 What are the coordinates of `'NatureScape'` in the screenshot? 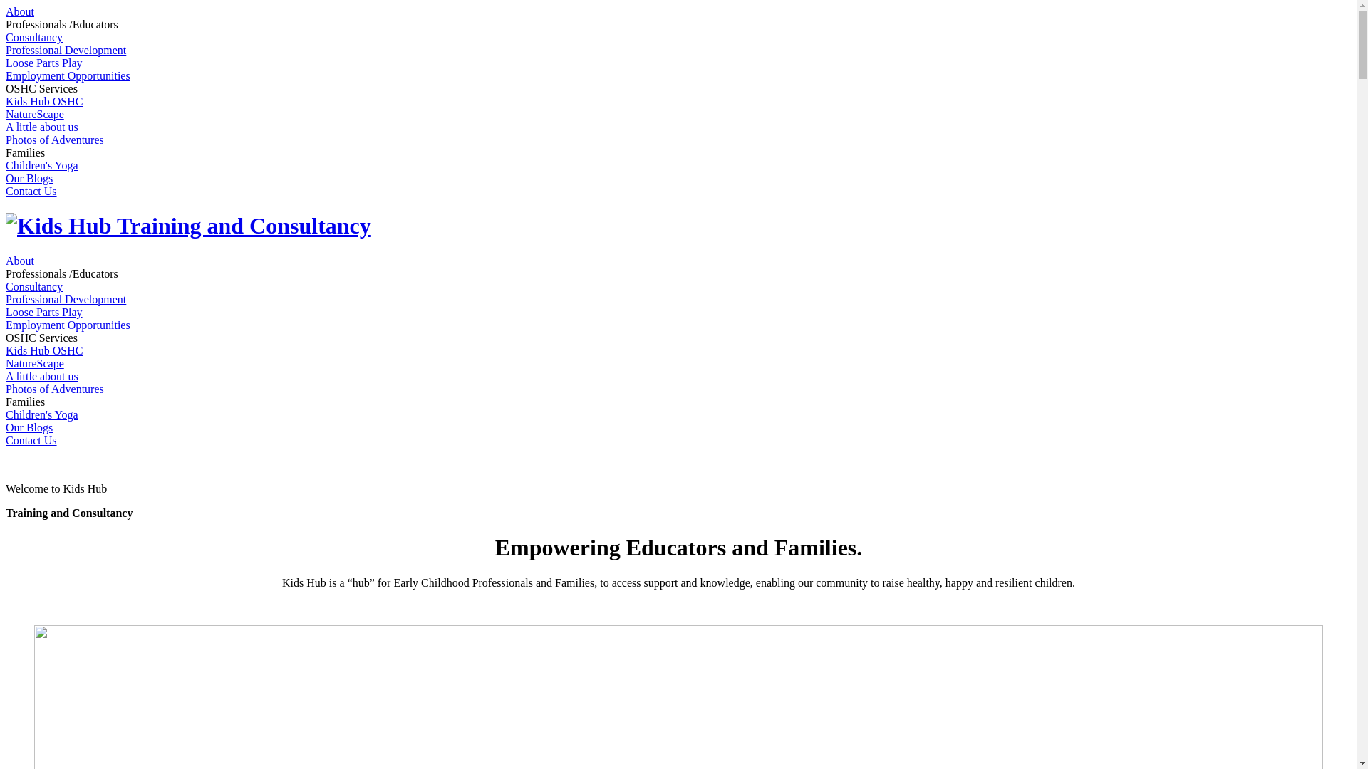 It's located at (6, 362).